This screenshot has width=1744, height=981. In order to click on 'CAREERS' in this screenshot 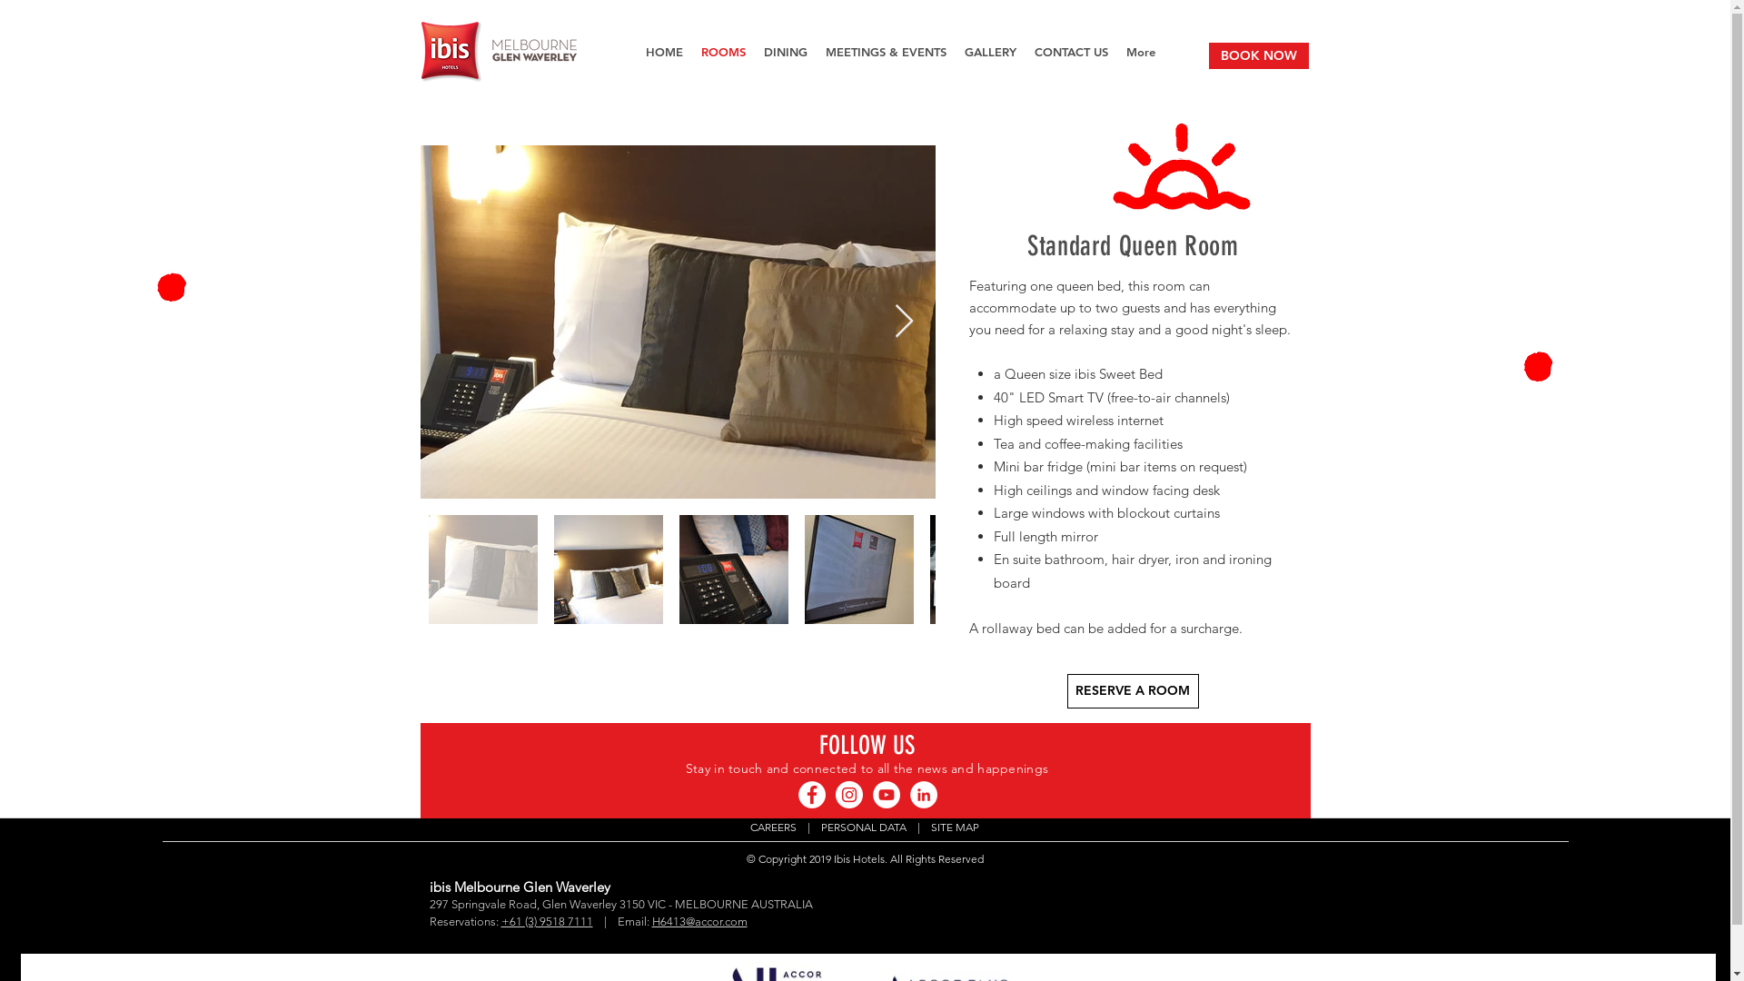, I will do `click(773, 827)`.